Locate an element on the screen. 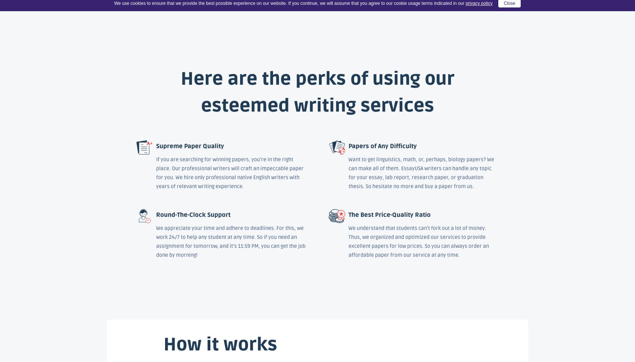 This screenshot has height=362, width=635. 'Supreme Paper Quality' is located at coordinates (156, 146).